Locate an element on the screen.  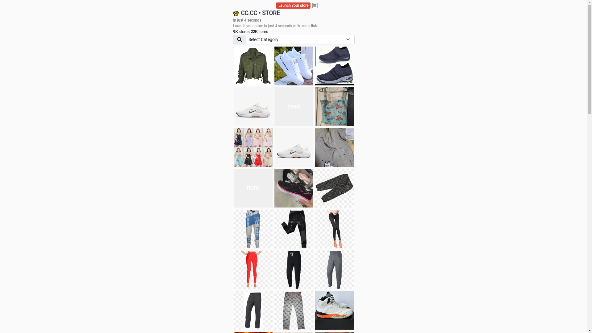
'Pant' is located at coordinates (253, 310).